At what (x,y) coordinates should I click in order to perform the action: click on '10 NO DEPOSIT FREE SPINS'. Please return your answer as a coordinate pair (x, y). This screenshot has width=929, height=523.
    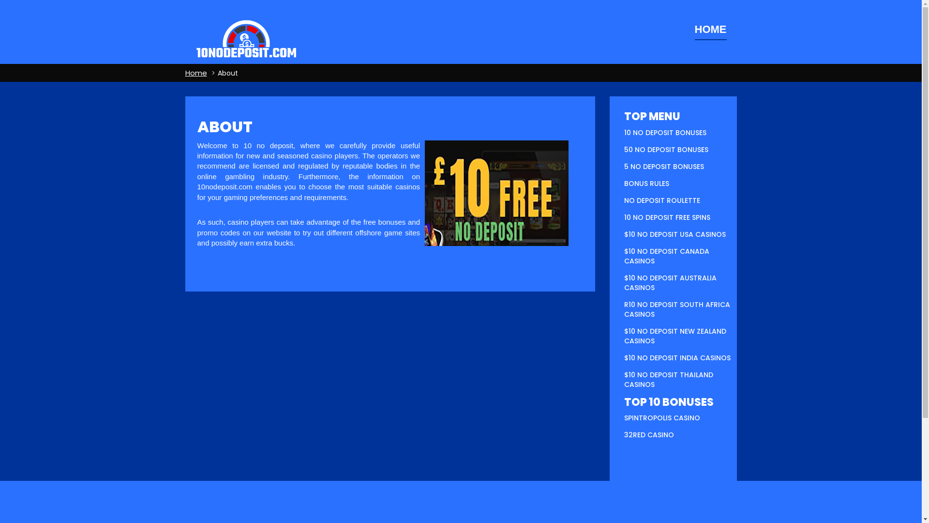
    Looking at the image, I should click on (624, 216).